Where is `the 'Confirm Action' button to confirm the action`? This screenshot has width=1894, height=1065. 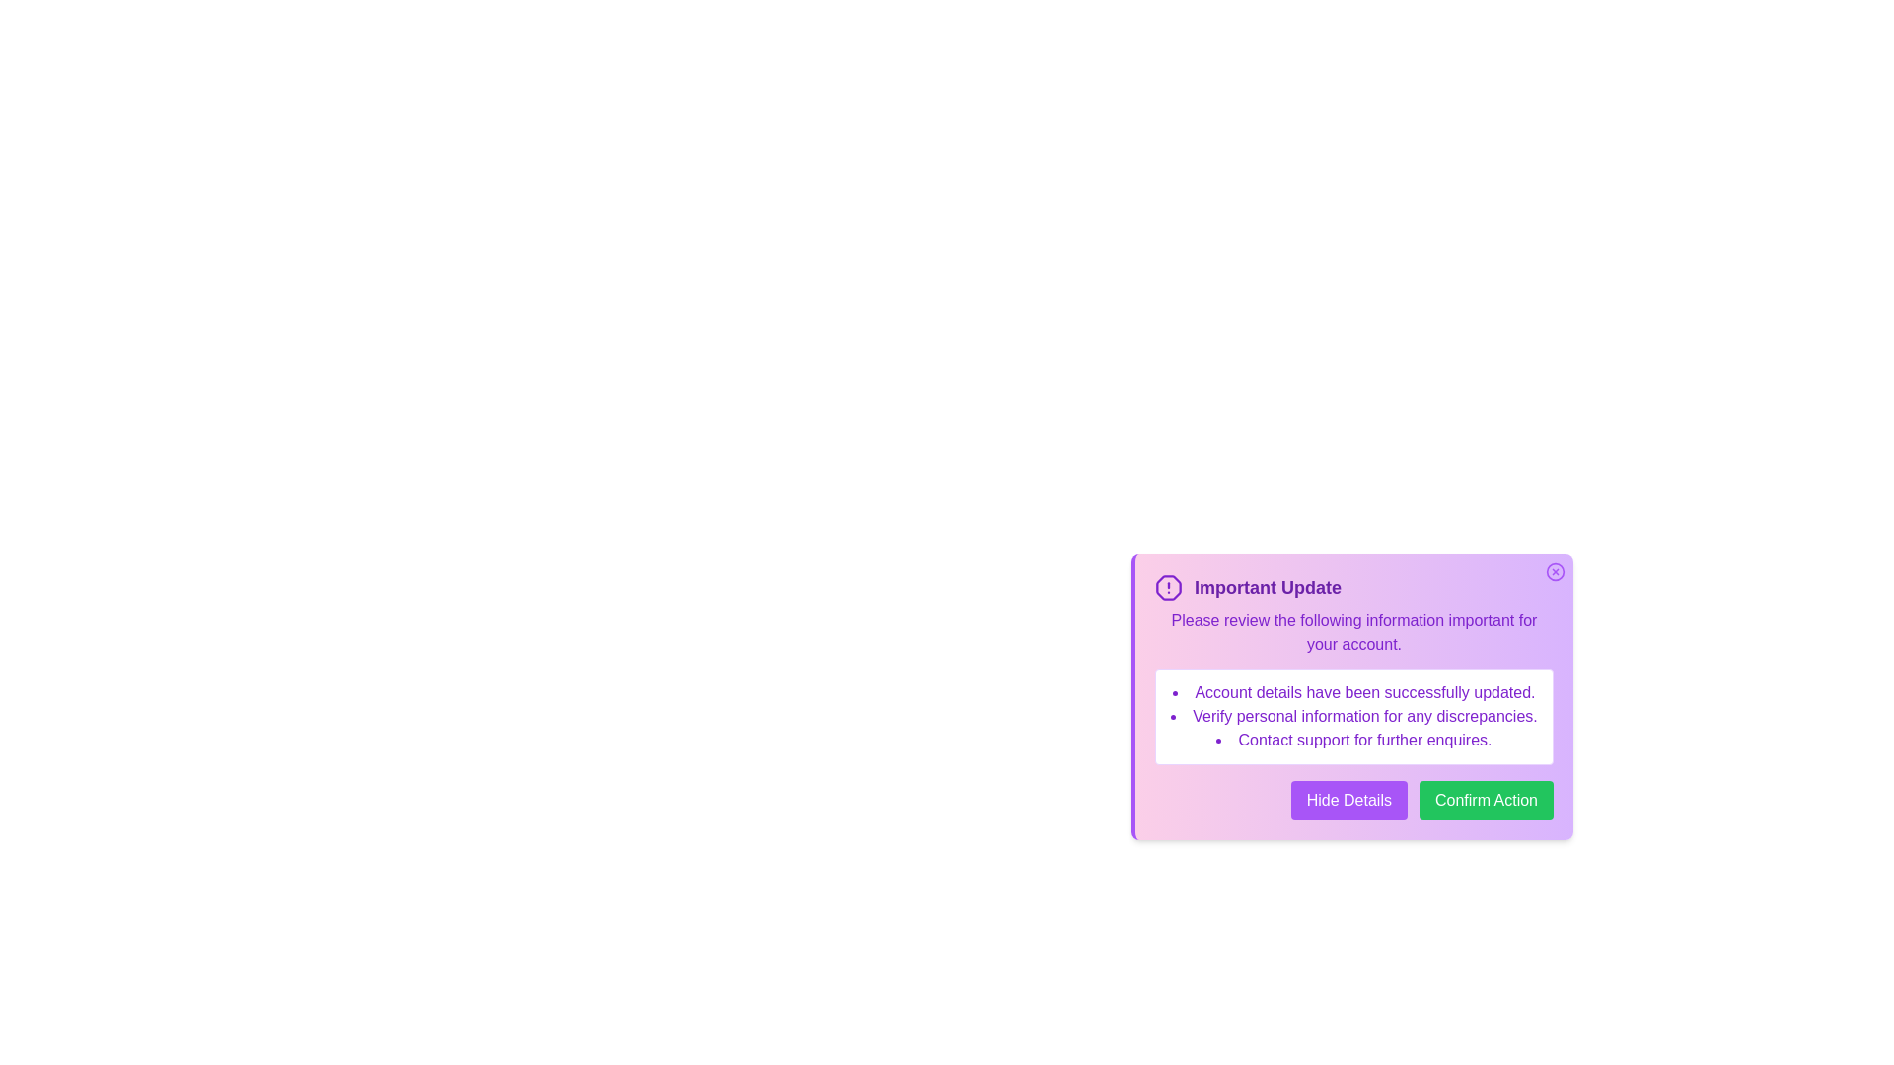 the 'Confirm Action' button to confirm the action is located at coordinates (1487, 801).